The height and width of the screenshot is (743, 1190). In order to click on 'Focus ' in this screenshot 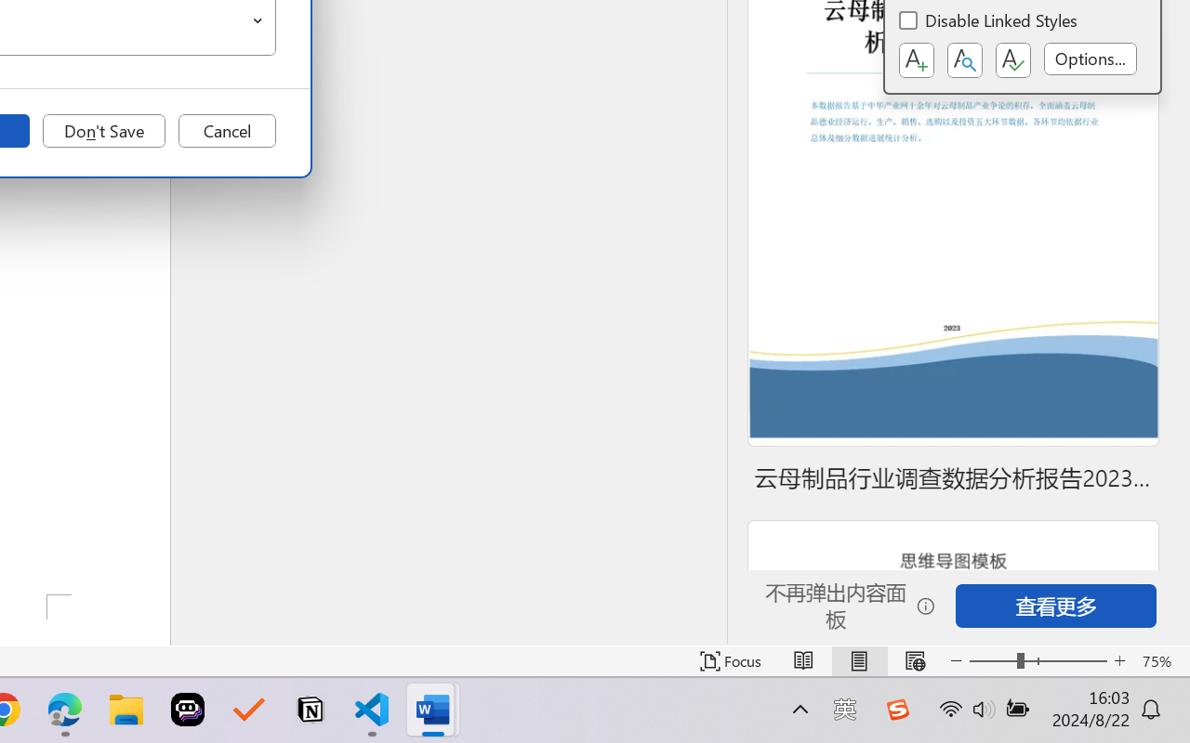, I will do `click(730, 660)`.